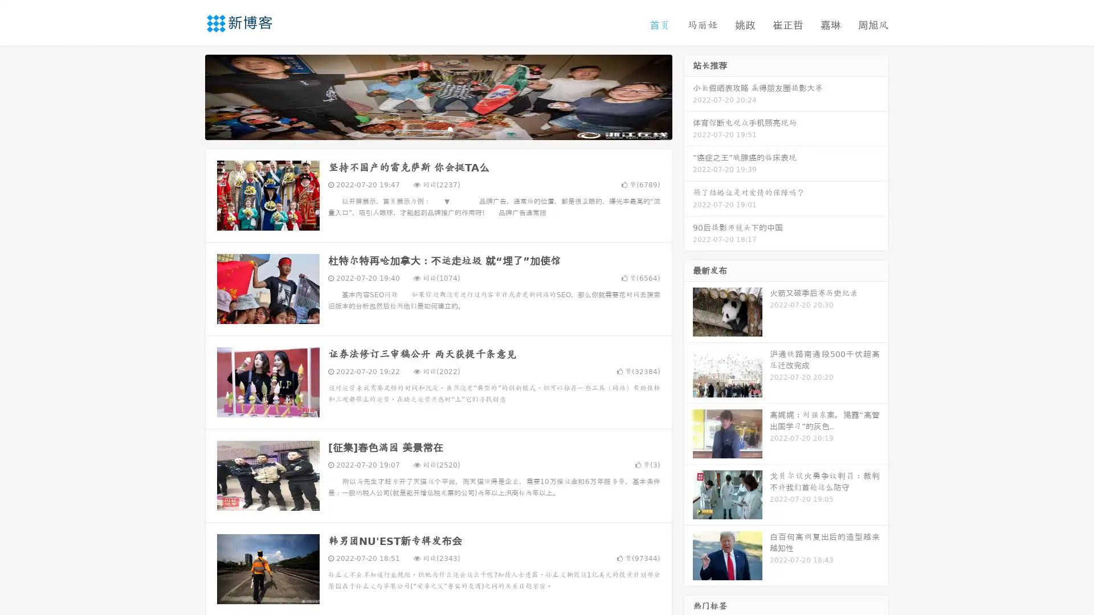  I want to click on Go to slide 2, so click(438, 128).